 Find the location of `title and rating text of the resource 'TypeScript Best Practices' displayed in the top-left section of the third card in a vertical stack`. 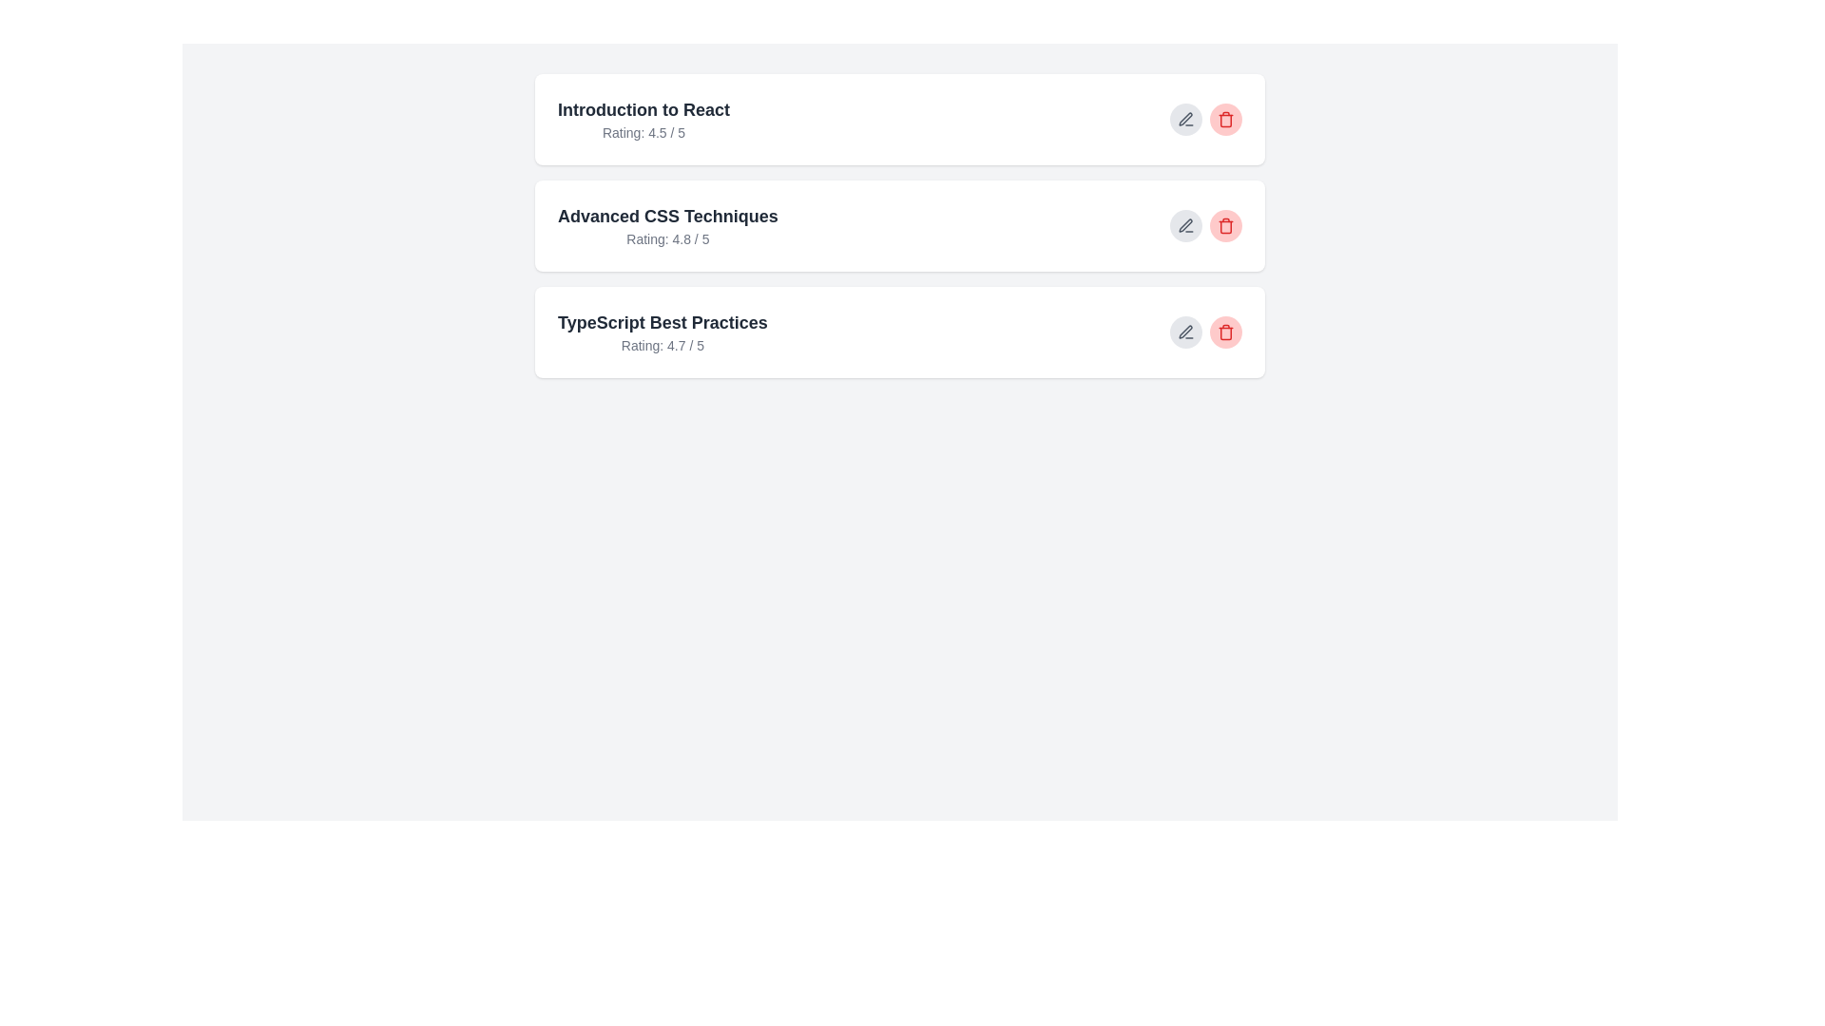

title and rating text of the resource 'TypeScript Best Practices' displayed in the top-left section of the third card in a vertical stack is located at coordinates (663, 332).